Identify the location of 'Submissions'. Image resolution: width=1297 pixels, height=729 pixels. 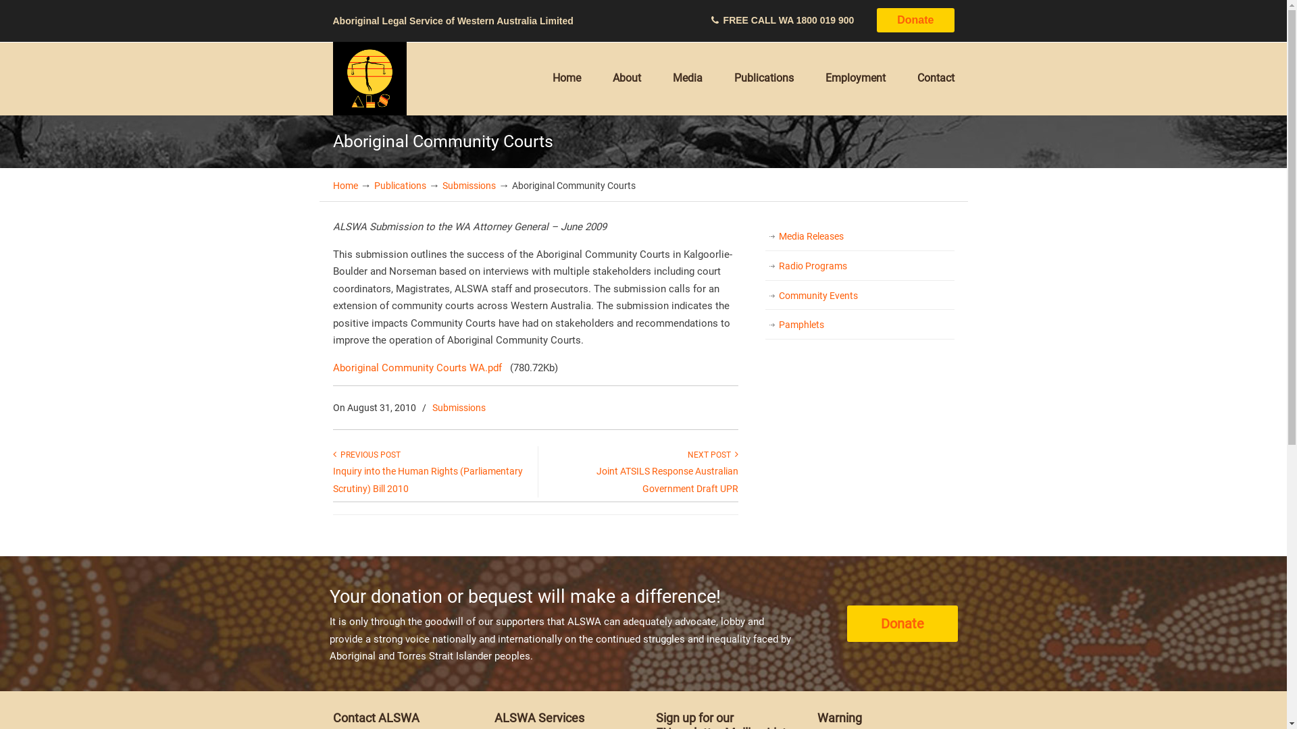
(459, 407).